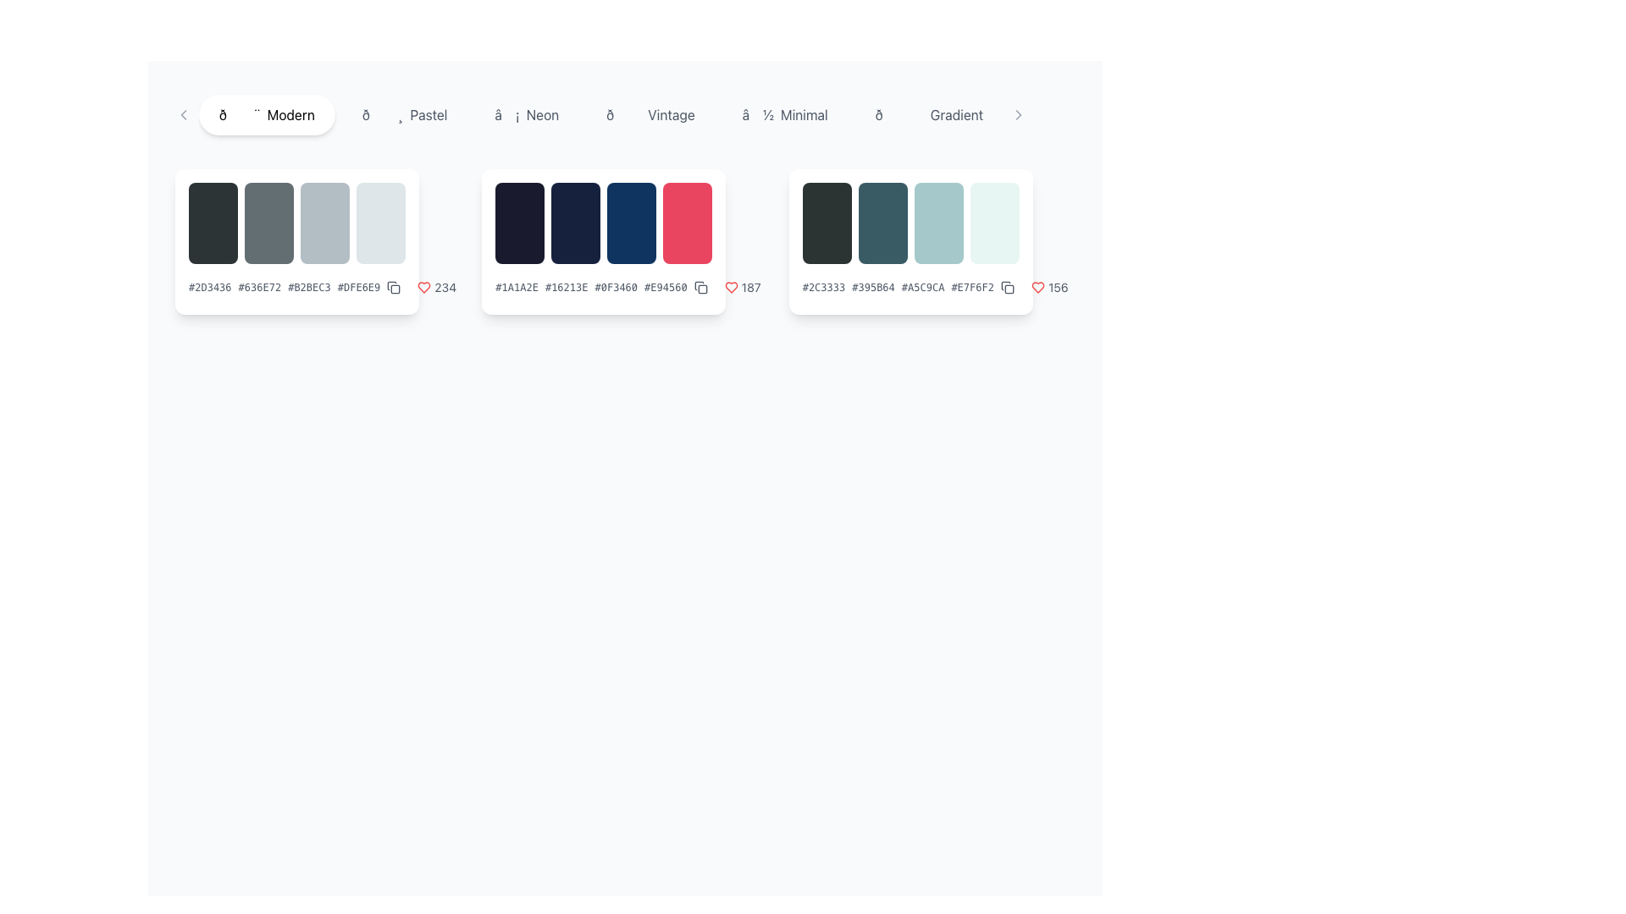 This screenshot has height=914, width=1626. I want to click on the sixth button in the horizontal scrollable menu that selects the 'Minimal' category, so click(784, 114).